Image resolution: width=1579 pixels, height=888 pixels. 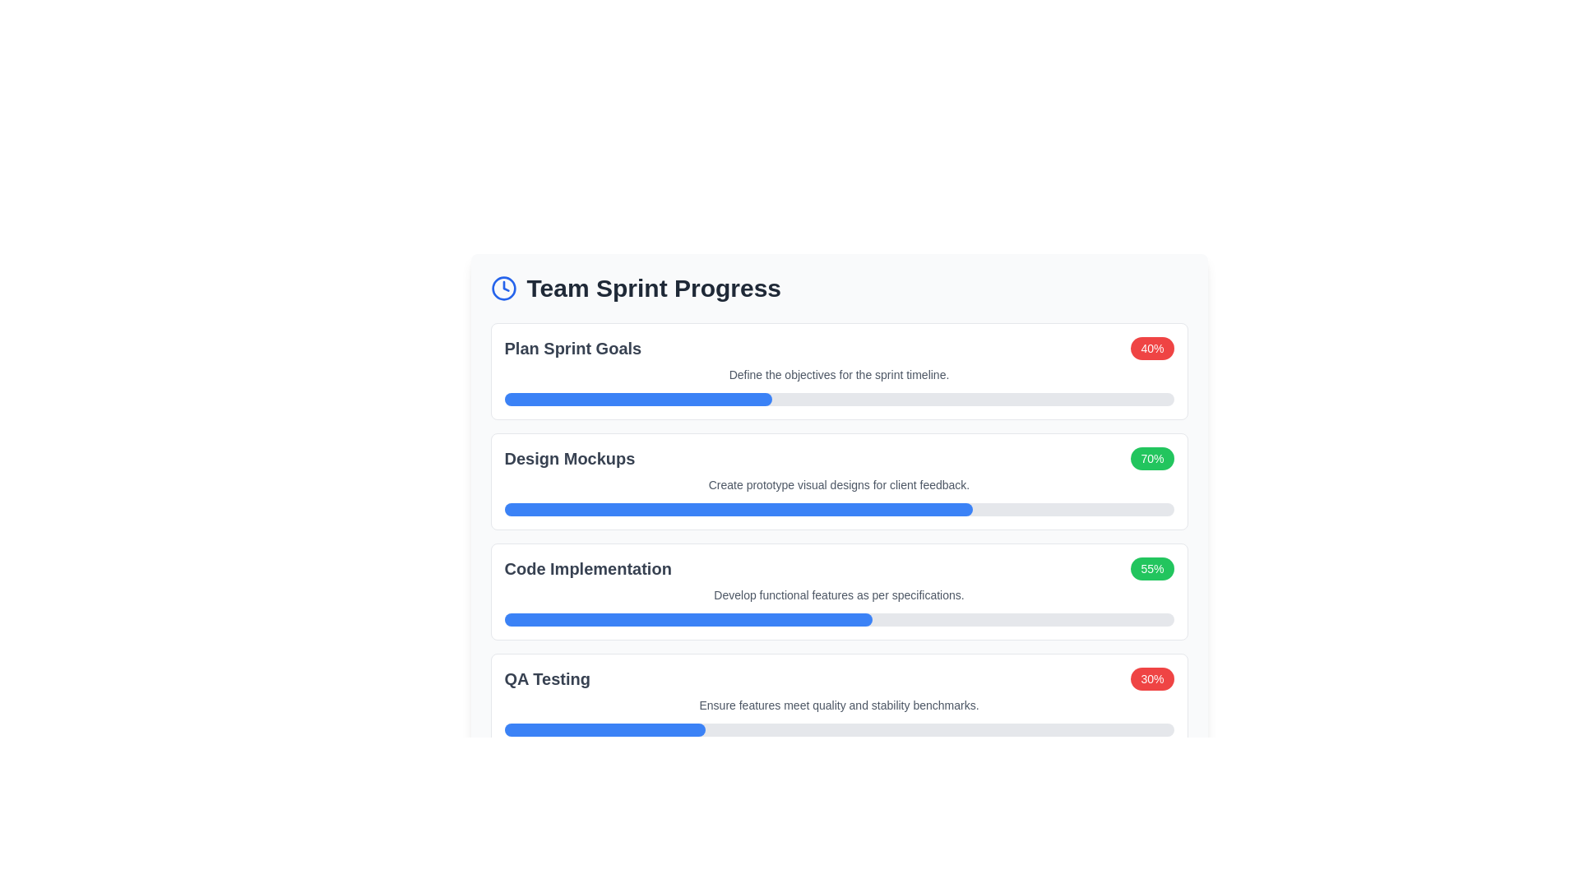 I want to click on the progress represented by the active fill portion of the progress bar titled 'Code Implementation', which indicates 55% completion, so click(x=688, y=619).